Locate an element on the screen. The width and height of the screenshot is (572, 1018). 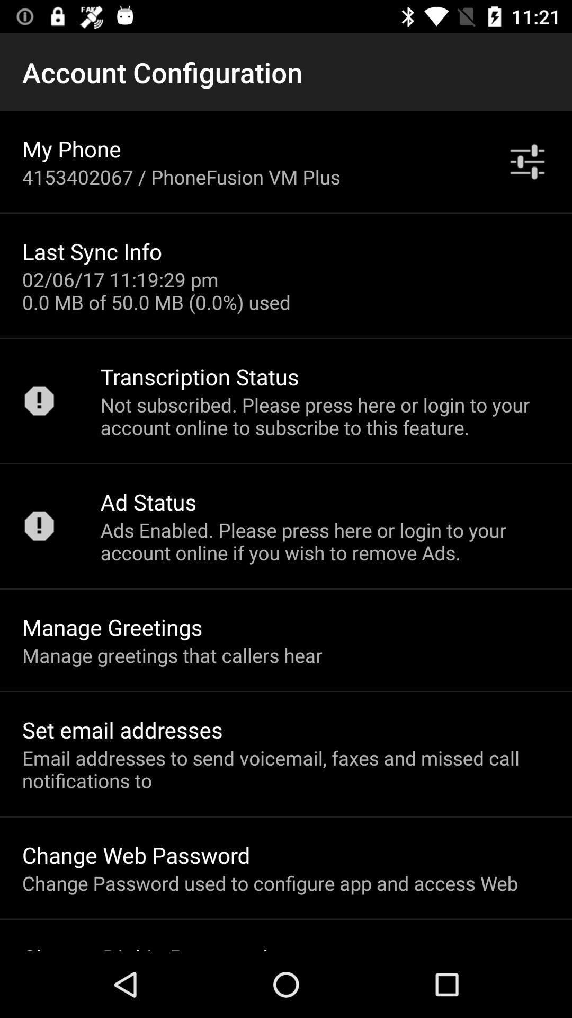
the item above ads enabled please item is located at coordinates (148, 501).